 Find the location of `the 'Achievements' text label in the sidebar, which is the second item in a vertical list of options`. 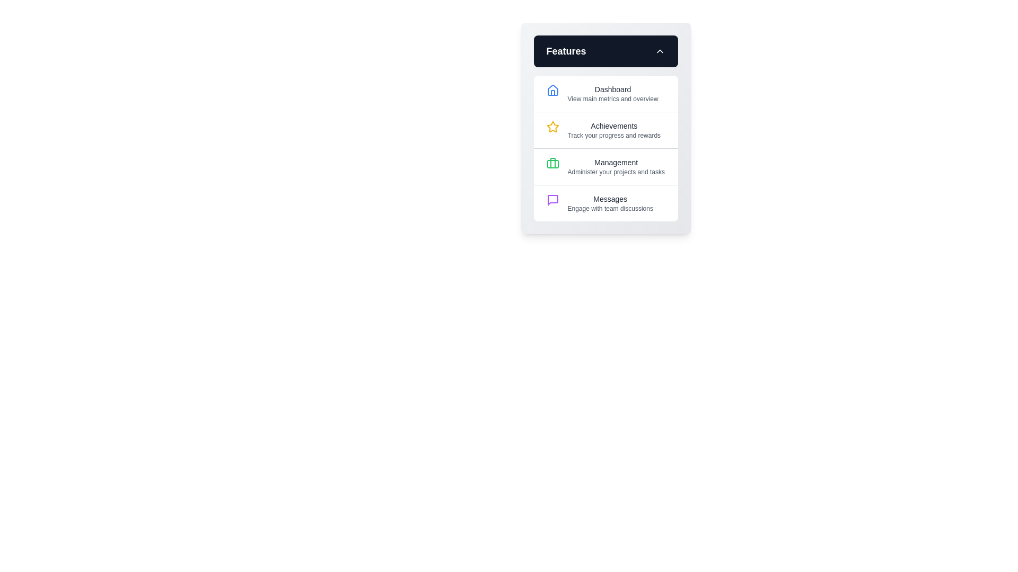

the 'Achievements' text label in the sidebar, which is the second item in a vertical list of options is located at coordinates (614, 126).